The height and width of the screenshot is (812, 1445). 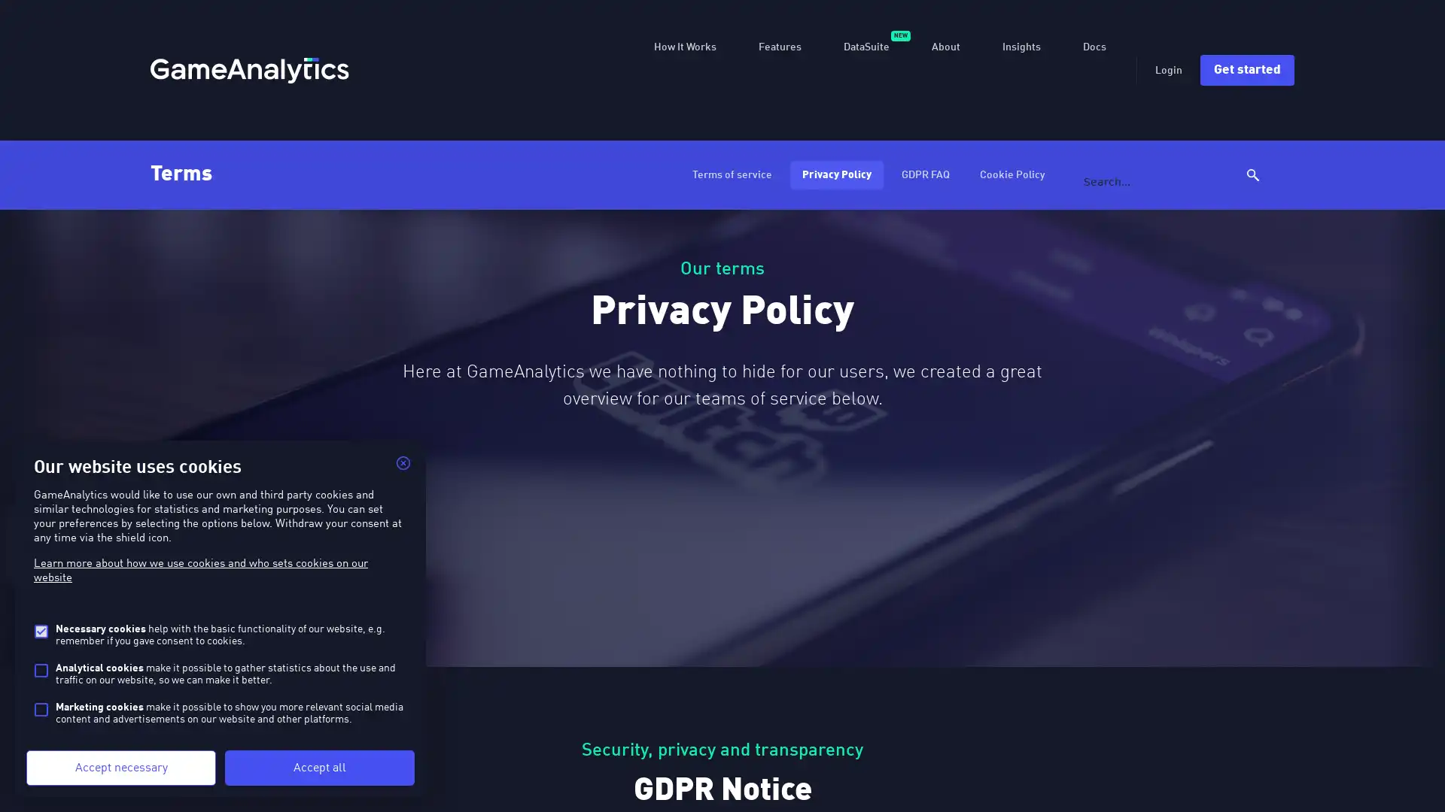 What do you see at coordinates (121, 768) in the screenshot?
I see `Accept necessary` at bounding box center [121, 768].